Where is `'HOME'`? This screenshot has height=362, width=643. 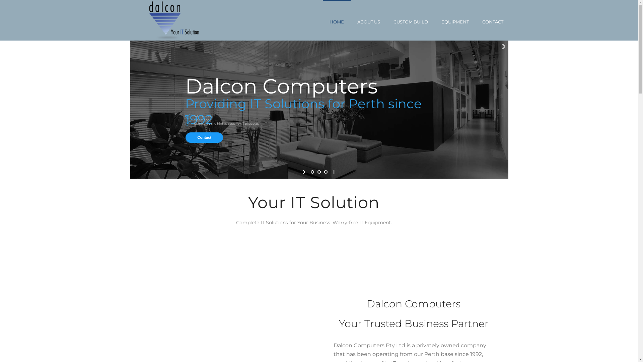
'HOME' is located at coordinates (337, 20).